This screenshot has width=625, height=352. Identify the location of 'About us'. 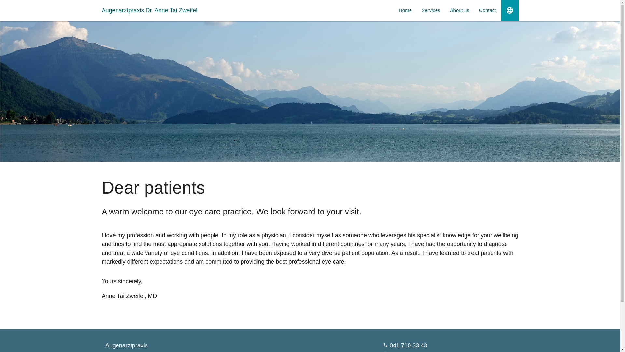
(459, 10).